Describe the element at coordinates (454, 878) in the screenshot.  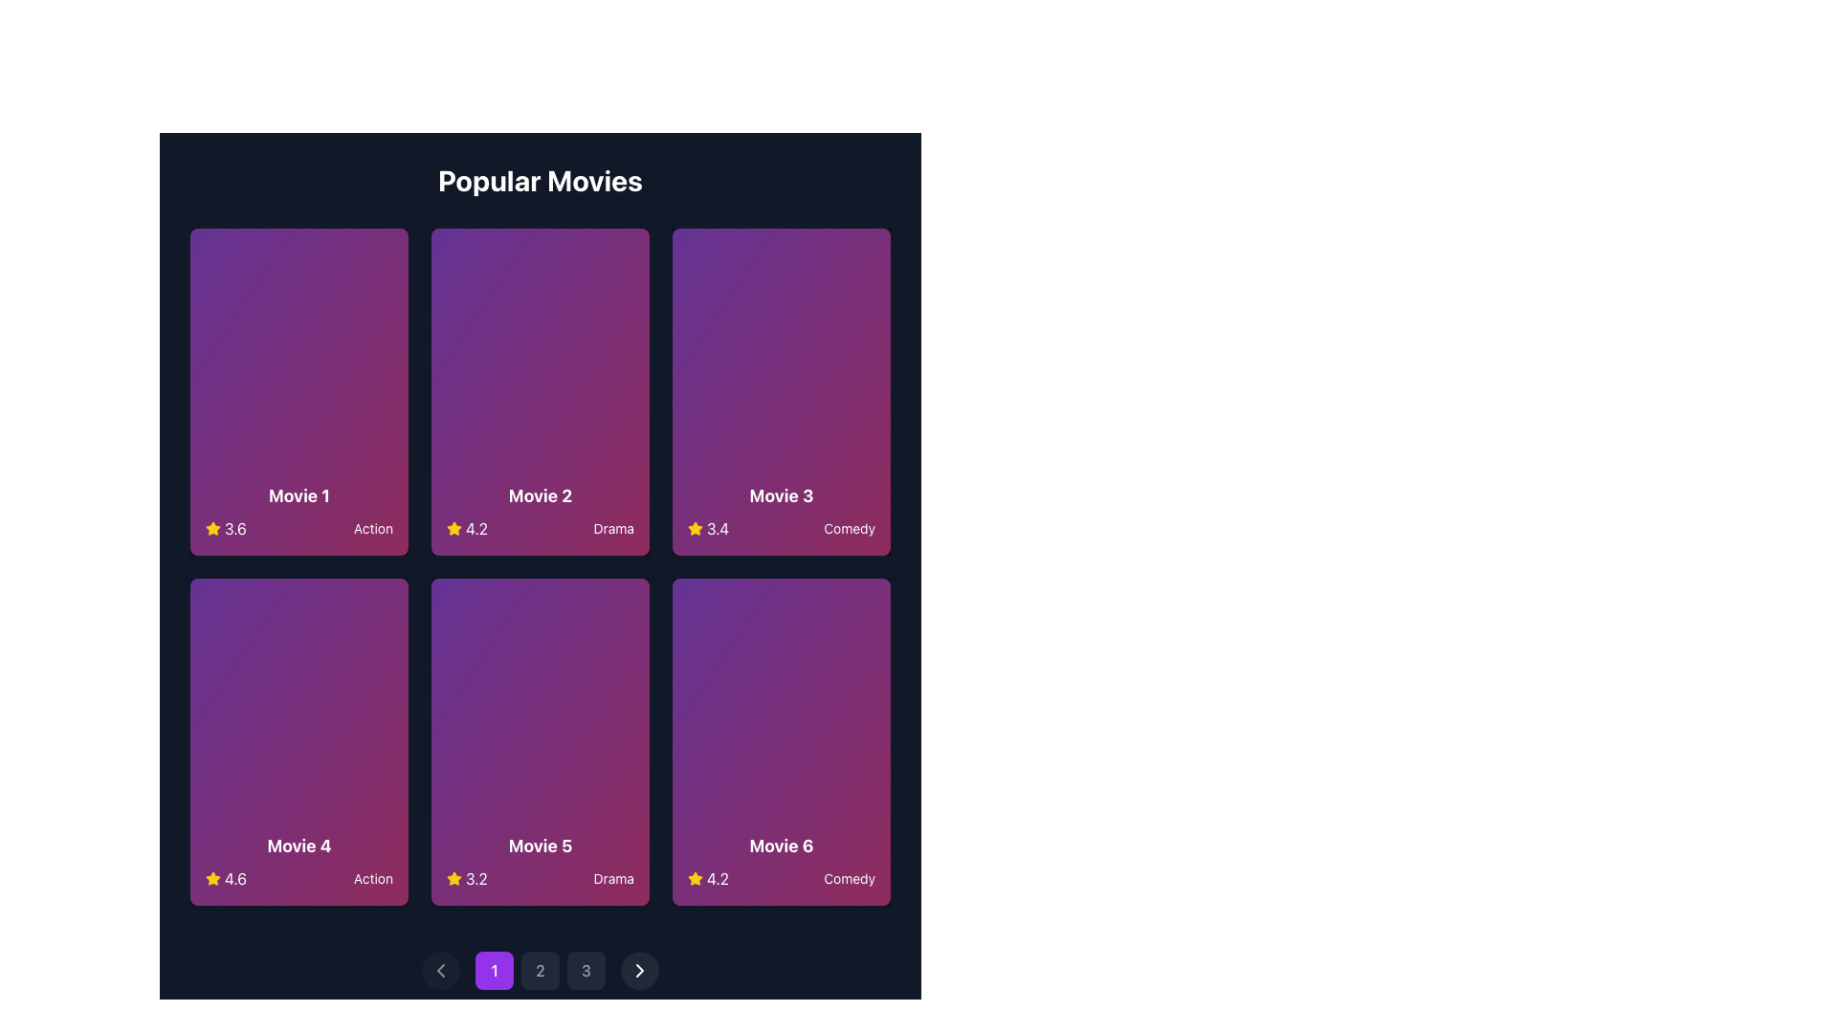
I see `the yellow star icon located in the bottom-left corner of the 'Movie 5' card, adjacent to the numeric rating '3.2'` at that location.